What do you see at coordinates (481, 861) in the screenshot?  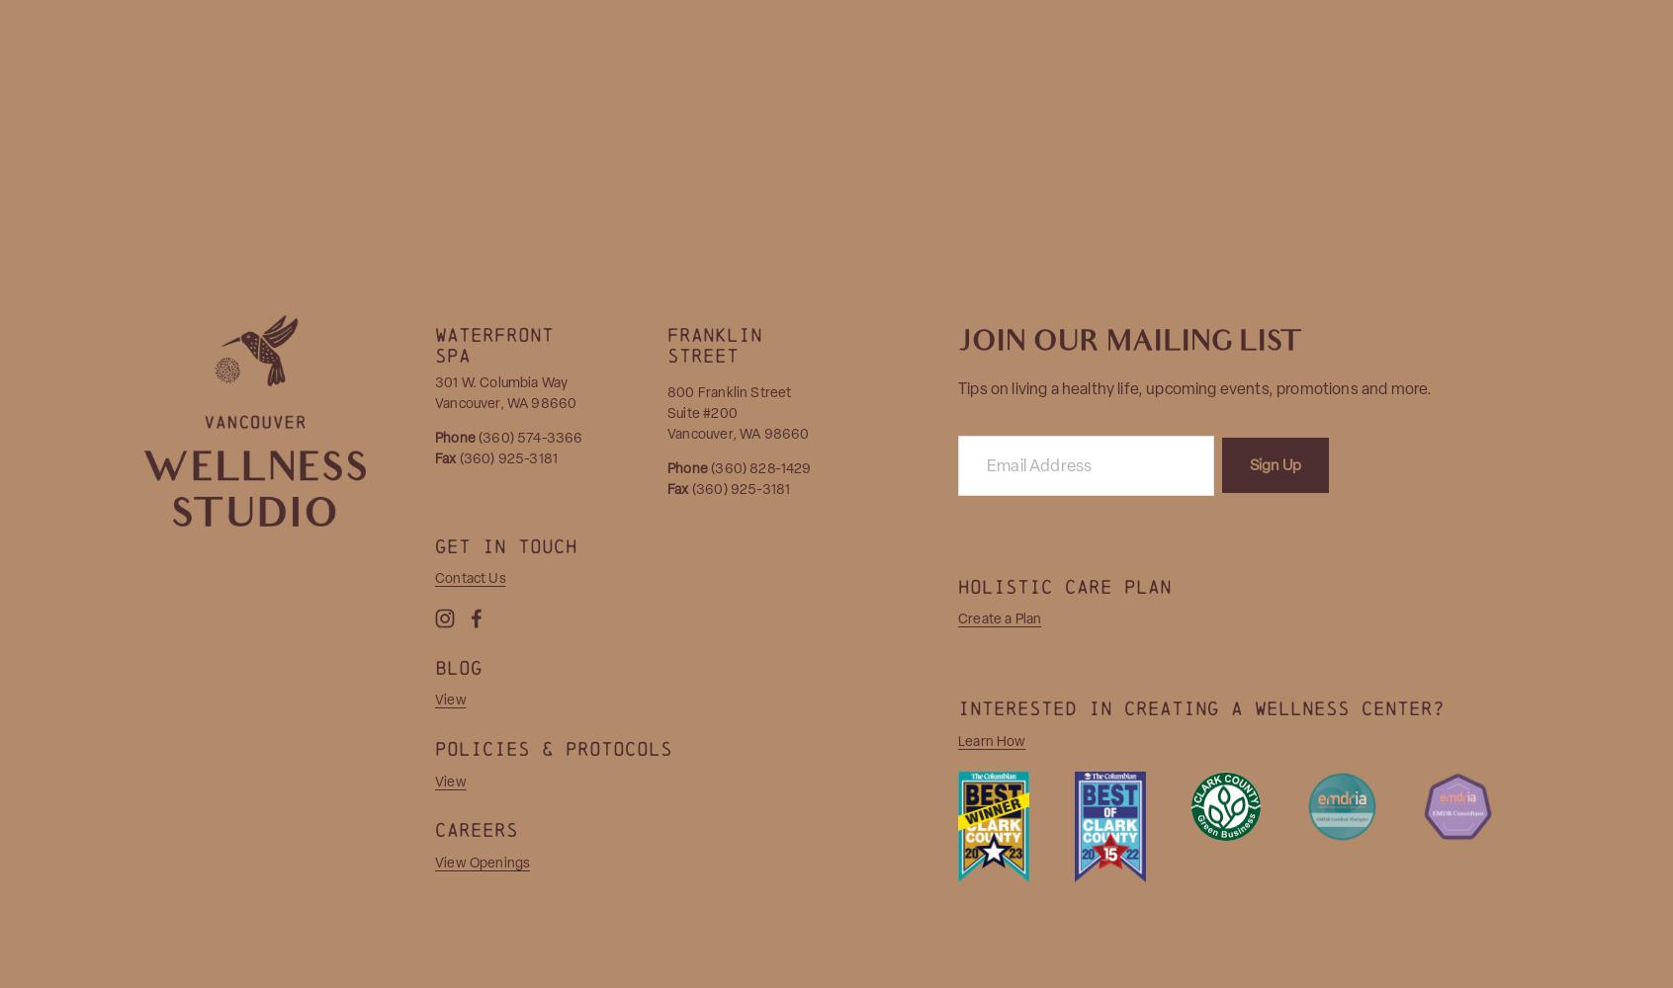 I see `'View Openings'` at bounding box center [481, 861].